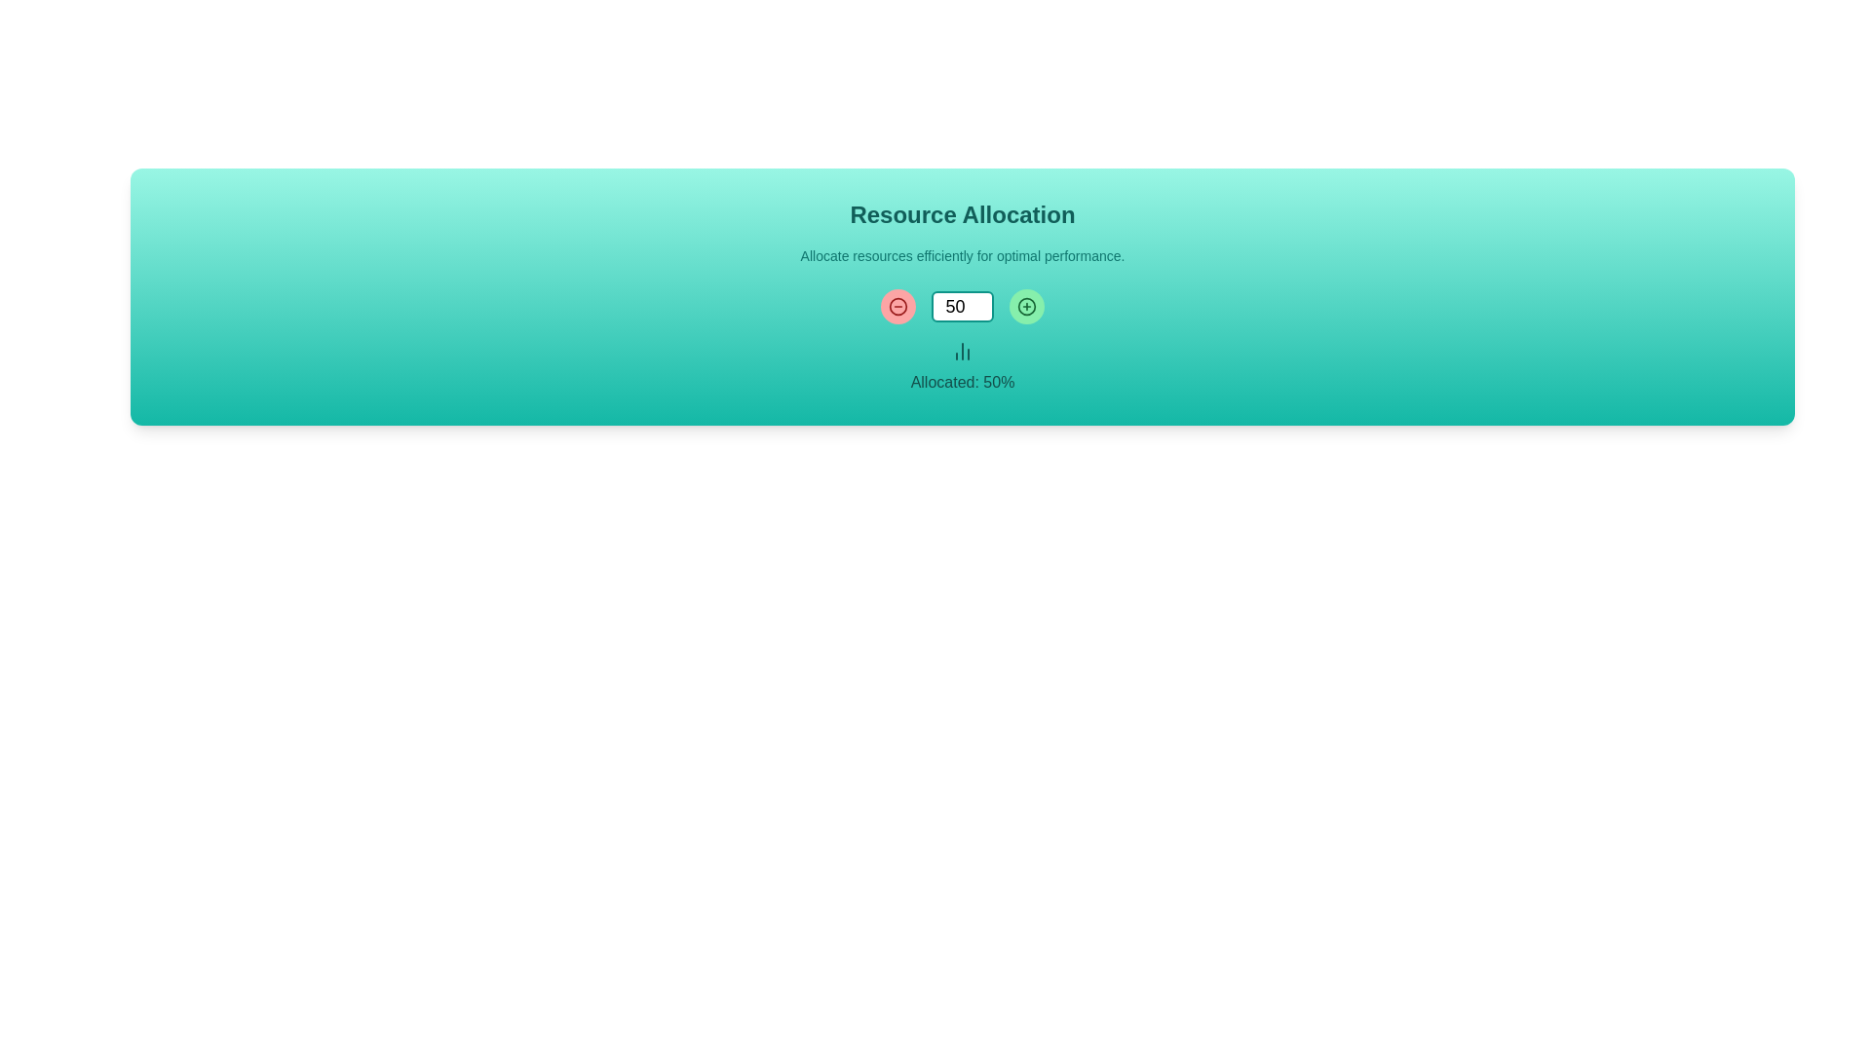 Image resolution: width=1871 pixels, height=1052 pixels. I want to click on the minus icon within the circular graphic, which is used for decreasing the numerical value of allocated resources, located beneath the text field displaying '50', so click(897, 307).